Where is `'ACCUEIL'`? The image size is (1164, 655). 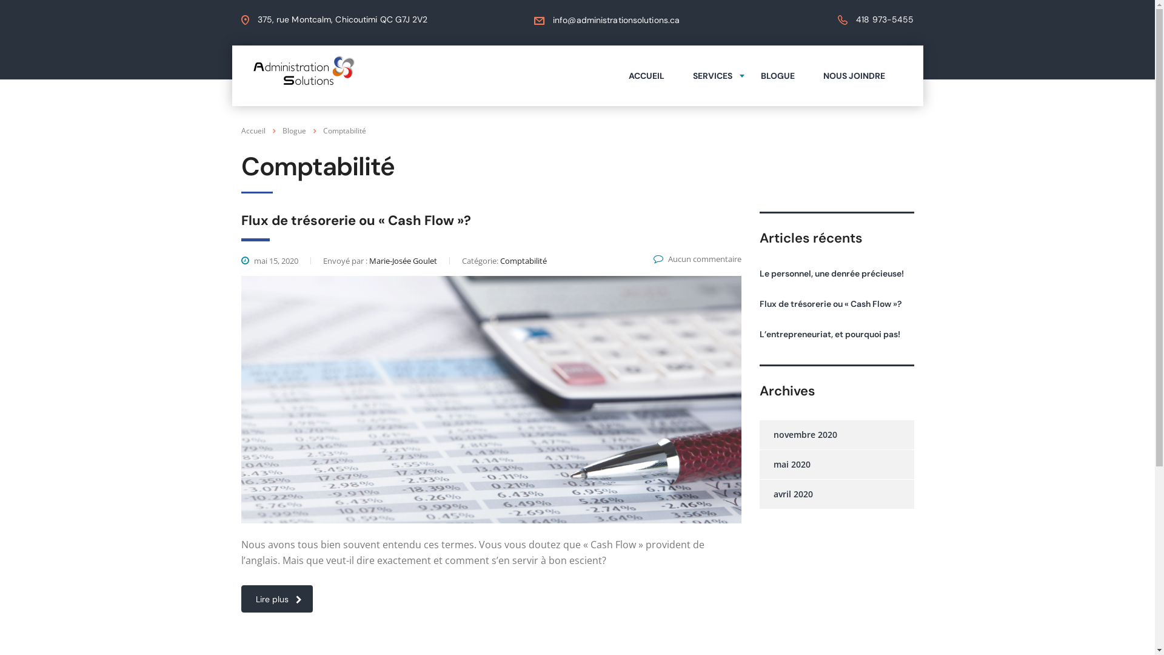
'ACCUEIL' is located at coordinates (646, 75).